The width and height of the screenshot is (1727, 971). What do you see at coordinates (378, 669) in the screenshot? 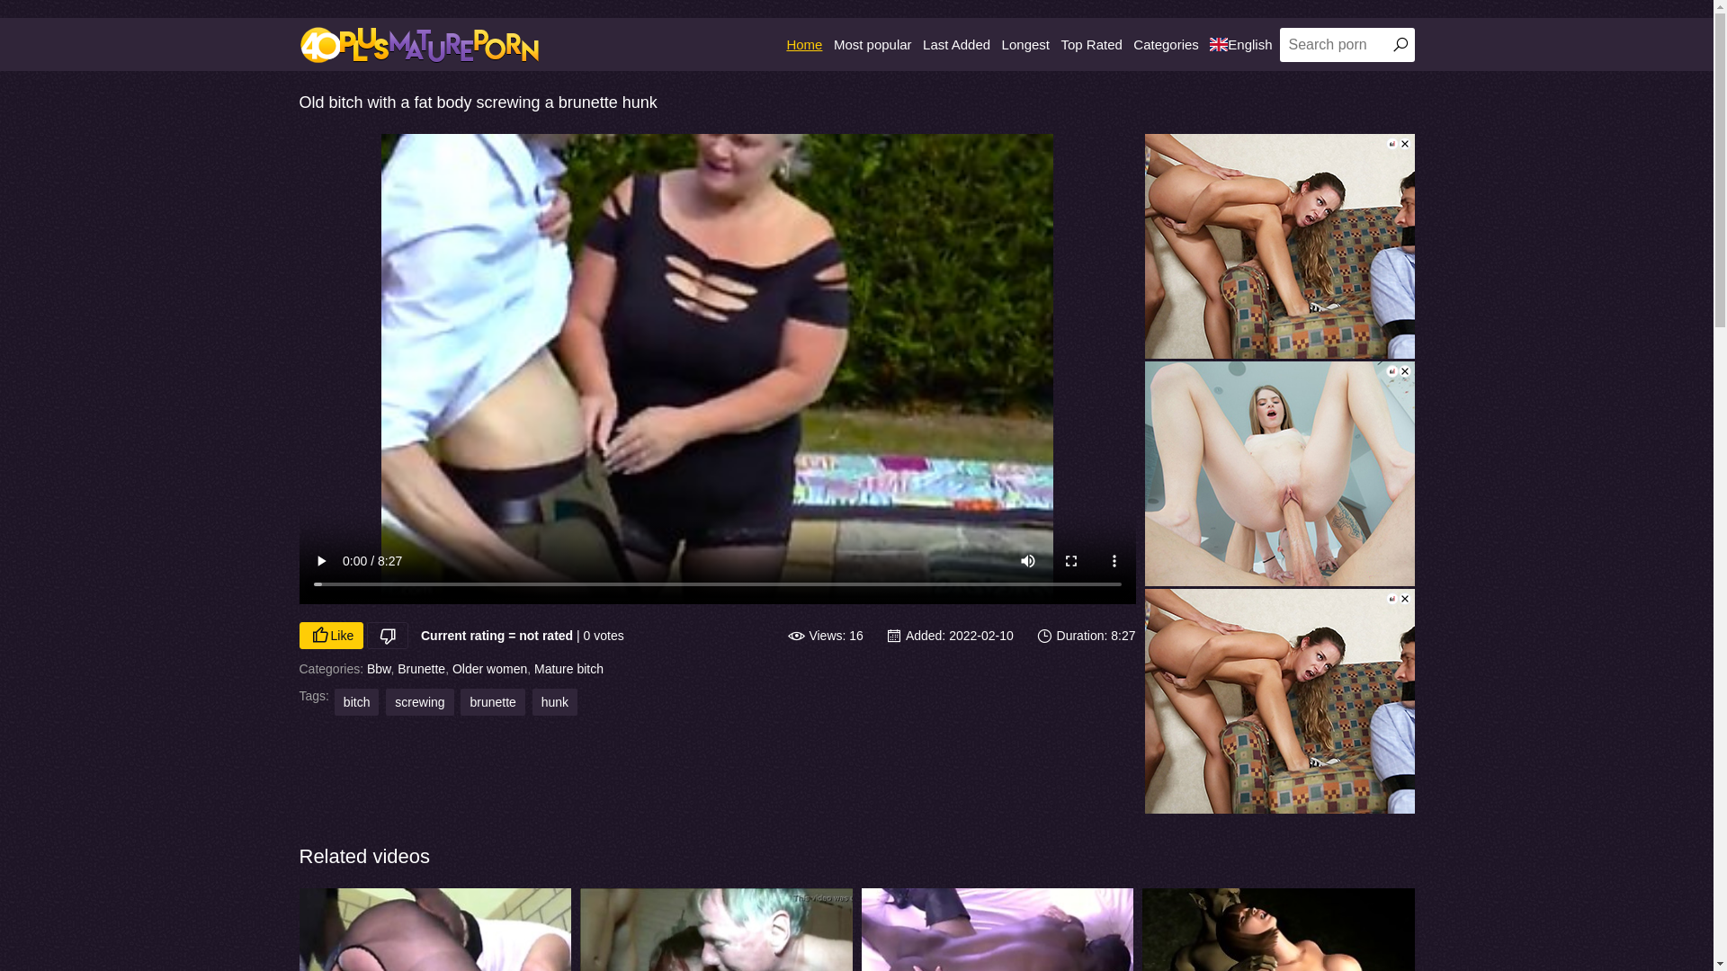
I see `'Bbw'` at bounding box center [378, 669].